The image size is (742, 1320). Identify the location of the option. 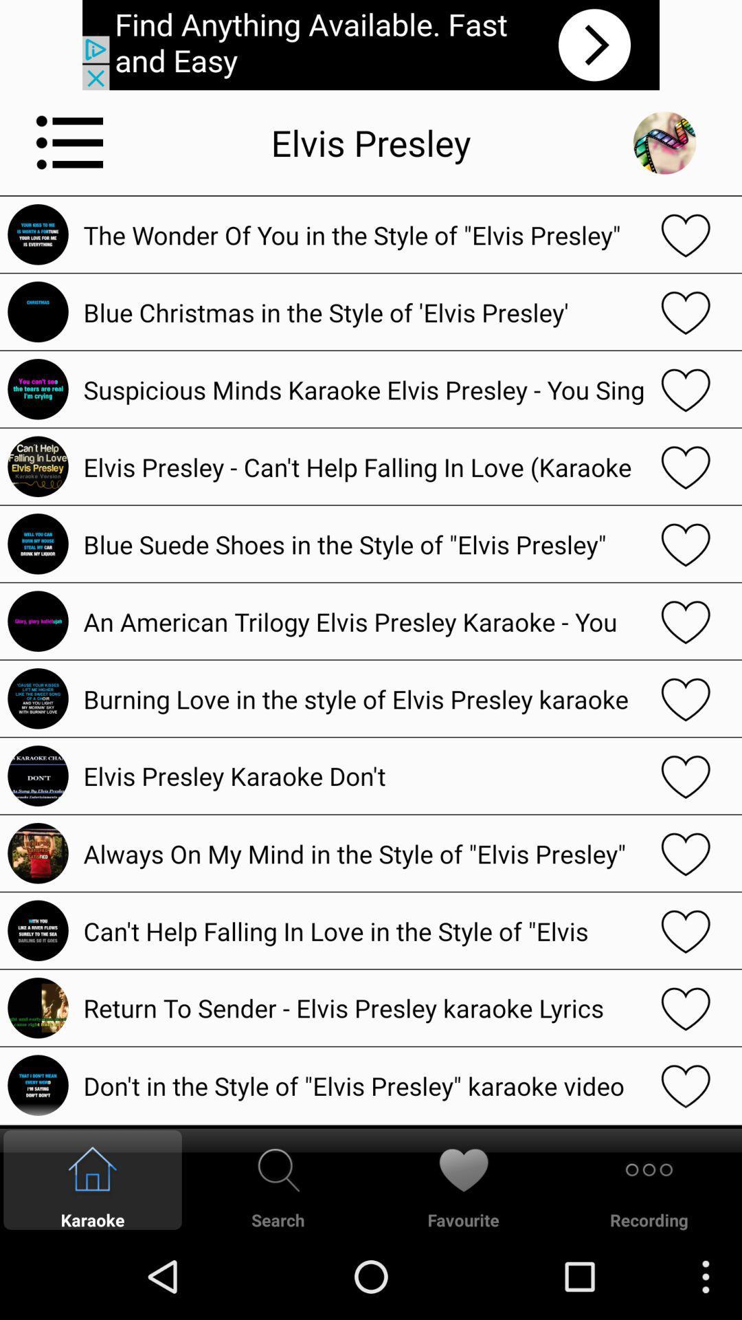
(686, 852).